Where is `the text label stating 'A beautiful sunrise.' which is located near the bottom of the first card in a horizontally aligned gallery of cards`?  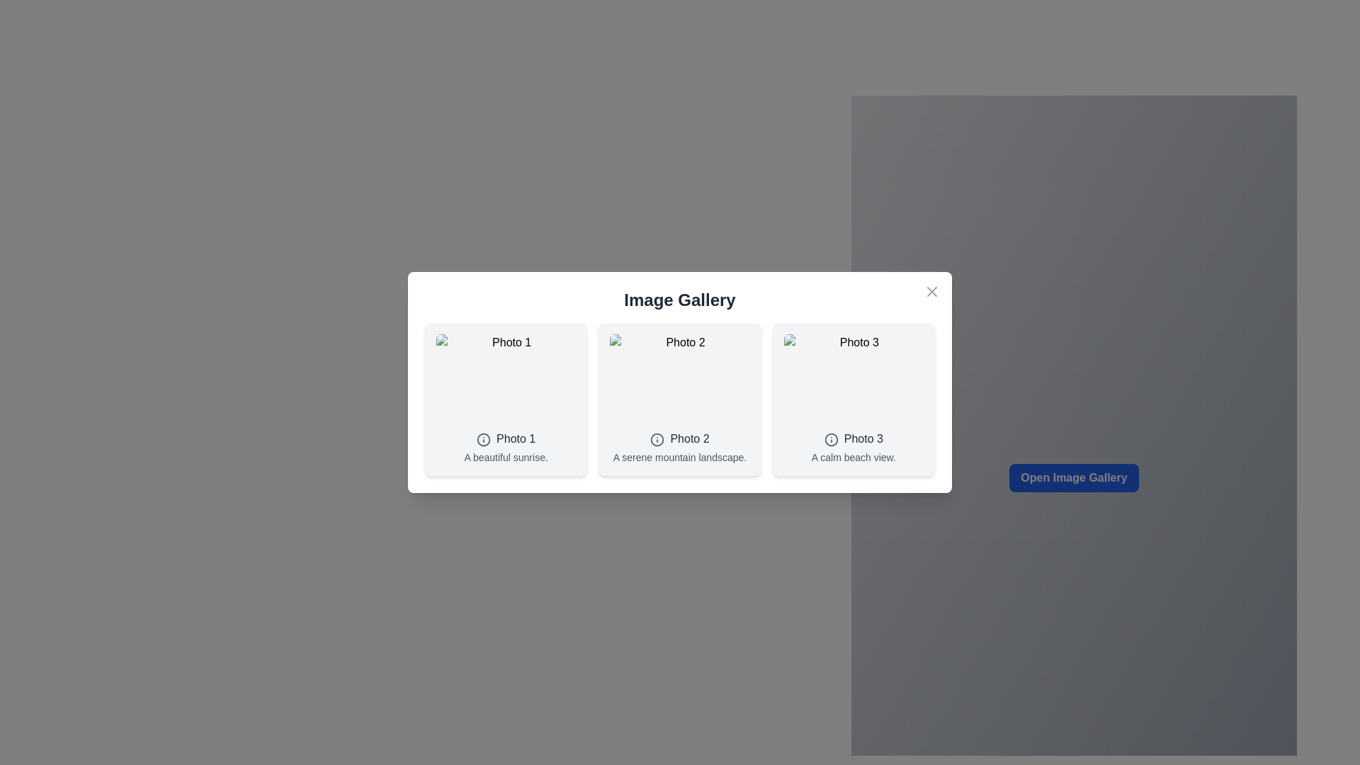
the text label stating 'A beautiful sunrise.' which is located near the bottom of the first card in a horizontally aligned gallery of cards is located at coordinates (506, 457).